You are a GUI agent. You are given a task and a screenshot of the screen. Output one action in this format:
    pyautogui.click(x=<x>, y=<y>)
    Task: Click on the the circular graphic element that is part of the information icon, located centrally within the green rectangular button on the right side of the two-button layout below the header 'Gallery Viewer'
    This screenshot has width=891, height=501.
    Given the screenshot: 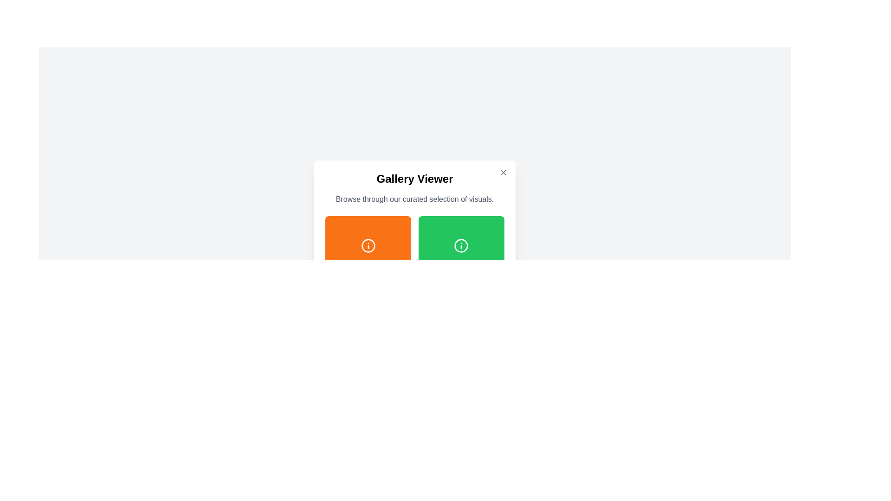 What is the action you would take?
    pyautogui.click(x=461, y=245)
    